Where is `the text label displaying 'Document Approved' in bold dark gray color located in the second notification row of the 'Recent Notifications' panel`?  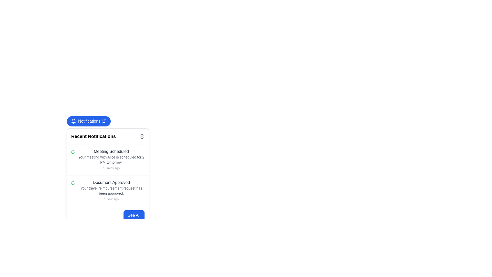 the text label displaying 'Document Approved' in bold dark gray color located in the second notification row of the 'Recent Notifications' panel is located at coordinates (111, 182).